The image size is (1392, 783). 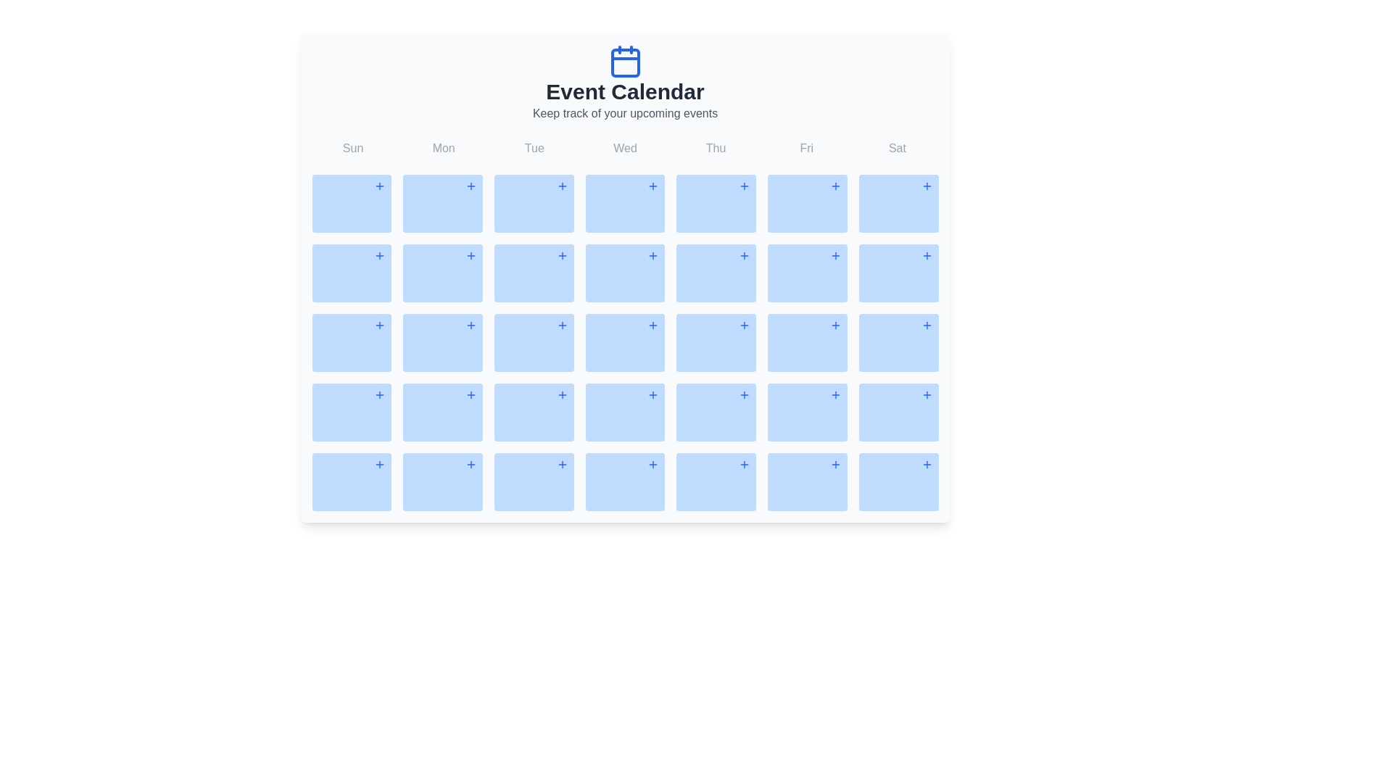 I want to click on the blue calendar icon located above the 'Event Calendar' text, so click(x=625, y=60).